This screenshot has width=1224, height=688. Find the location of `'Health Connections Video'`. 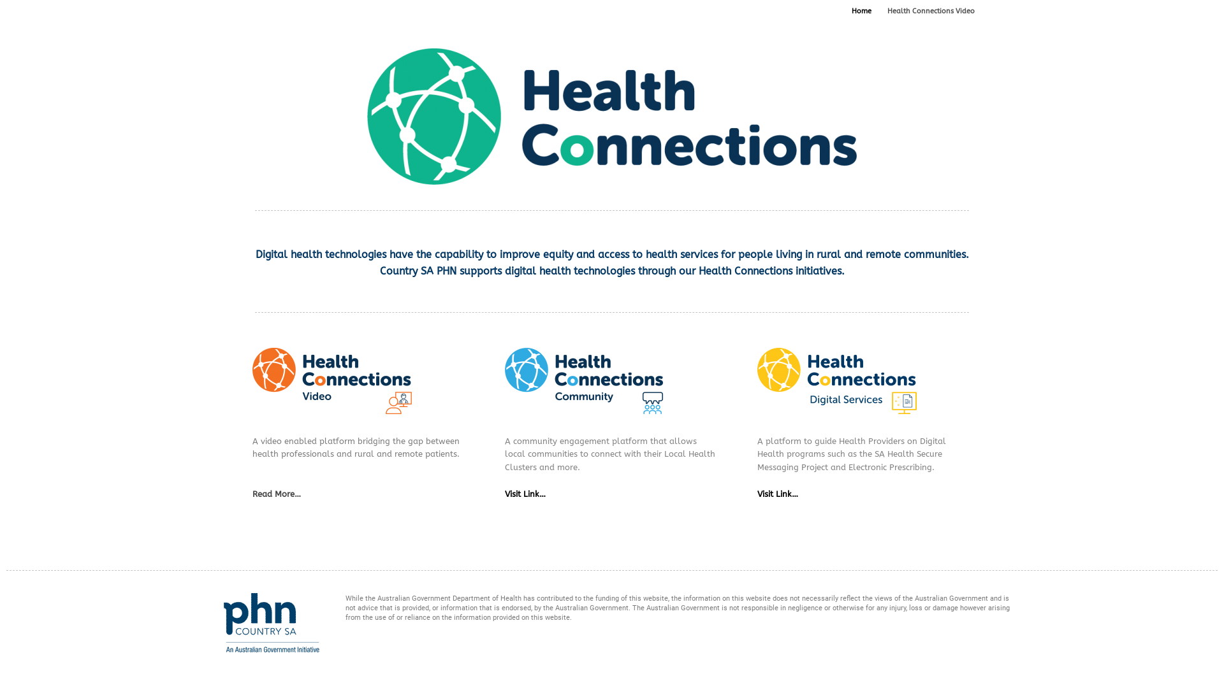

'Health Connections Video' is located at coordinates (931, 11).